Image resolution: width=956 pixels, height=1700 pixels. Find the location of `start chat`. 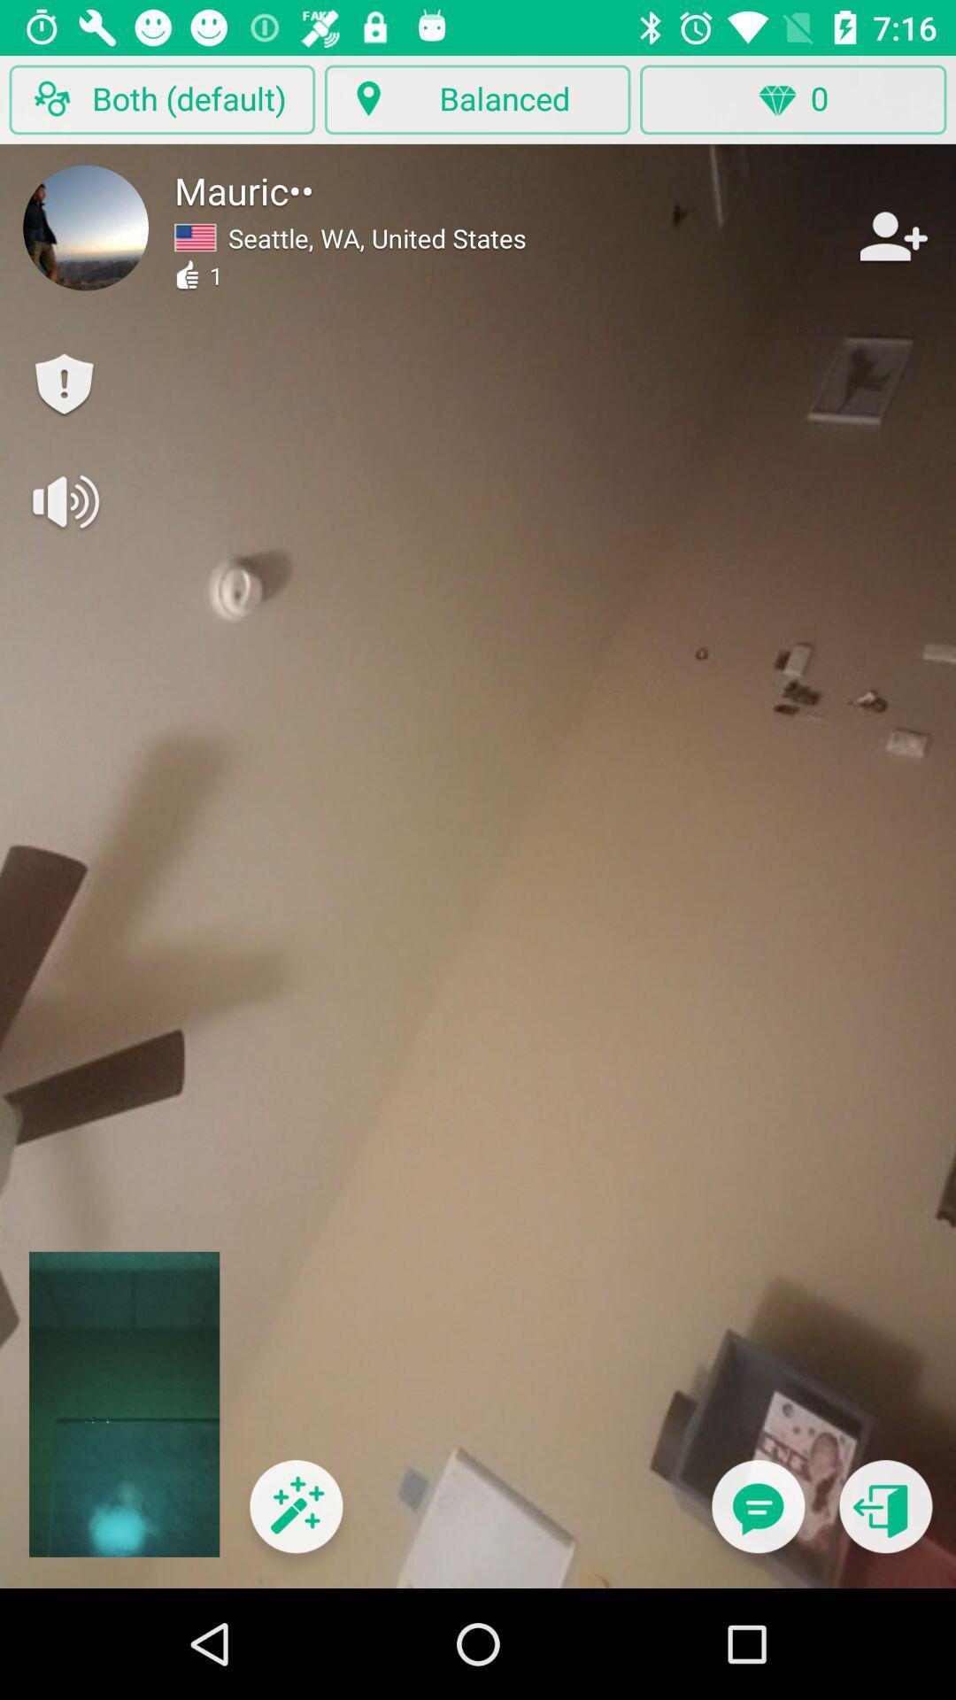

start chat is located at coordinates (757, 1517).